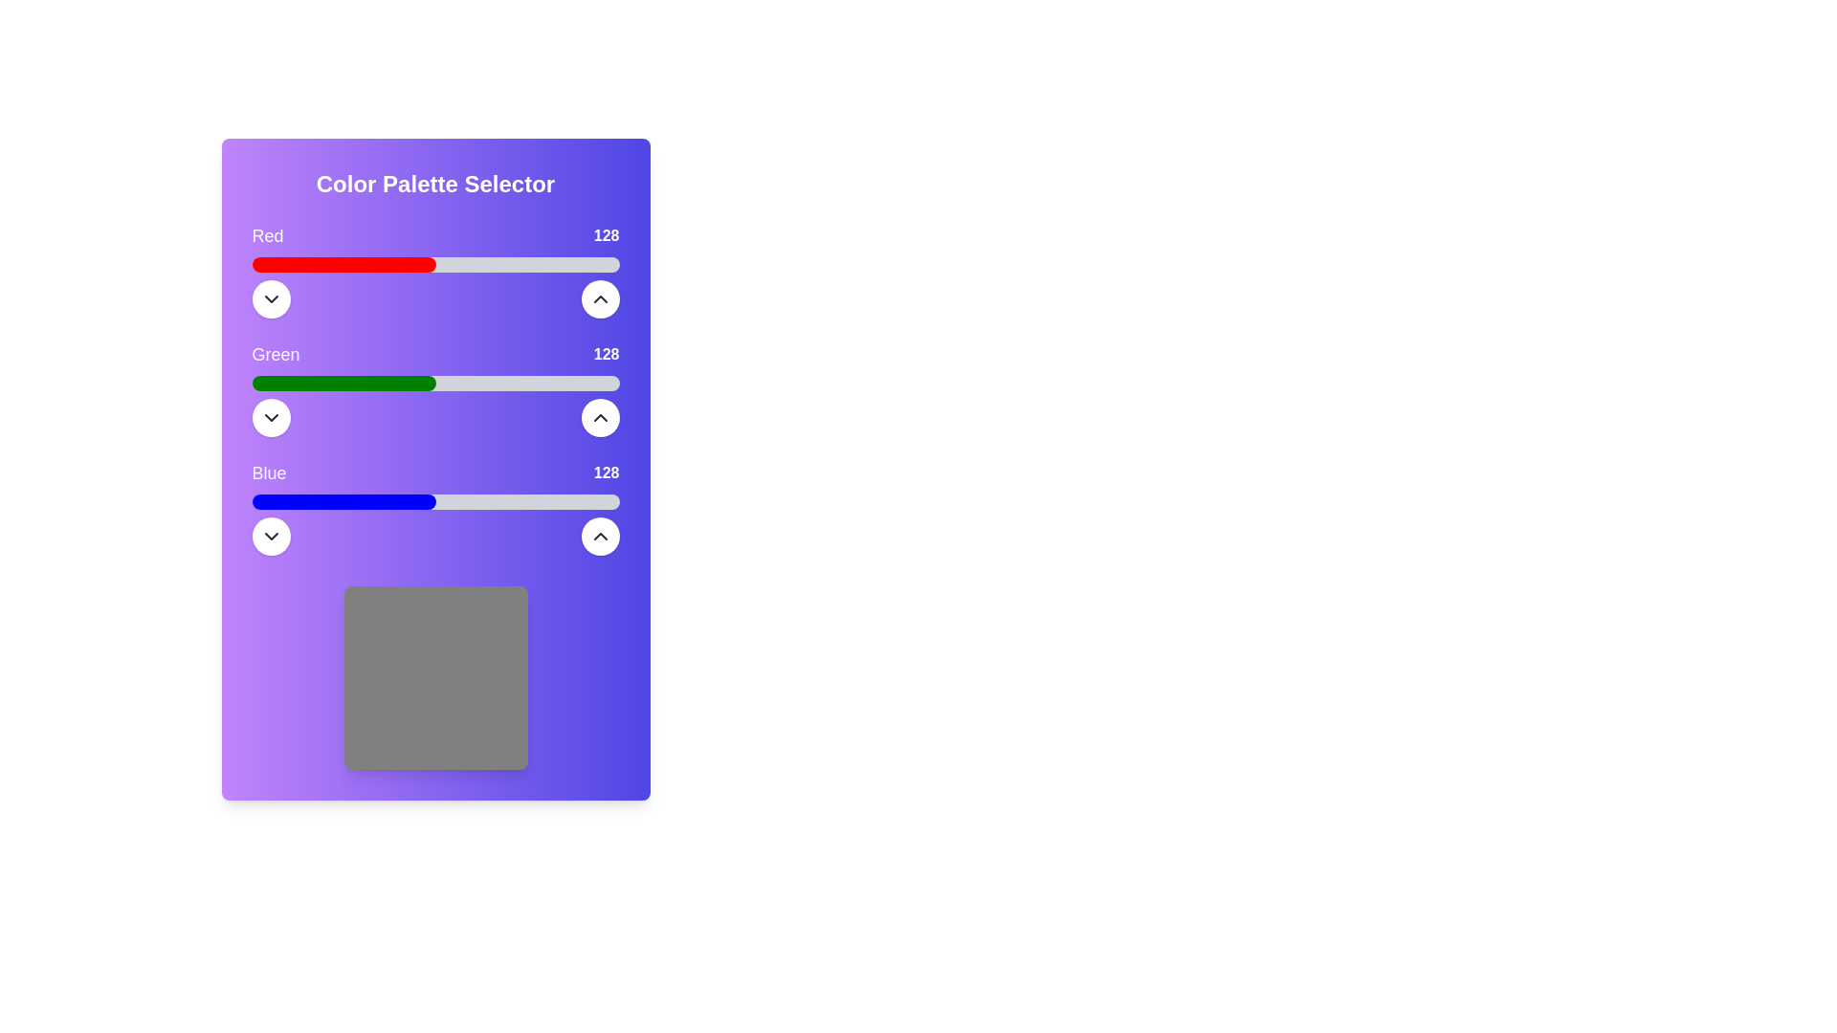 This screenshot has width=1837, height=1033. What do you see at coordinates (409, 384) in the screenshot?
I see `the green color intensity` at bounding box center [409, 384].